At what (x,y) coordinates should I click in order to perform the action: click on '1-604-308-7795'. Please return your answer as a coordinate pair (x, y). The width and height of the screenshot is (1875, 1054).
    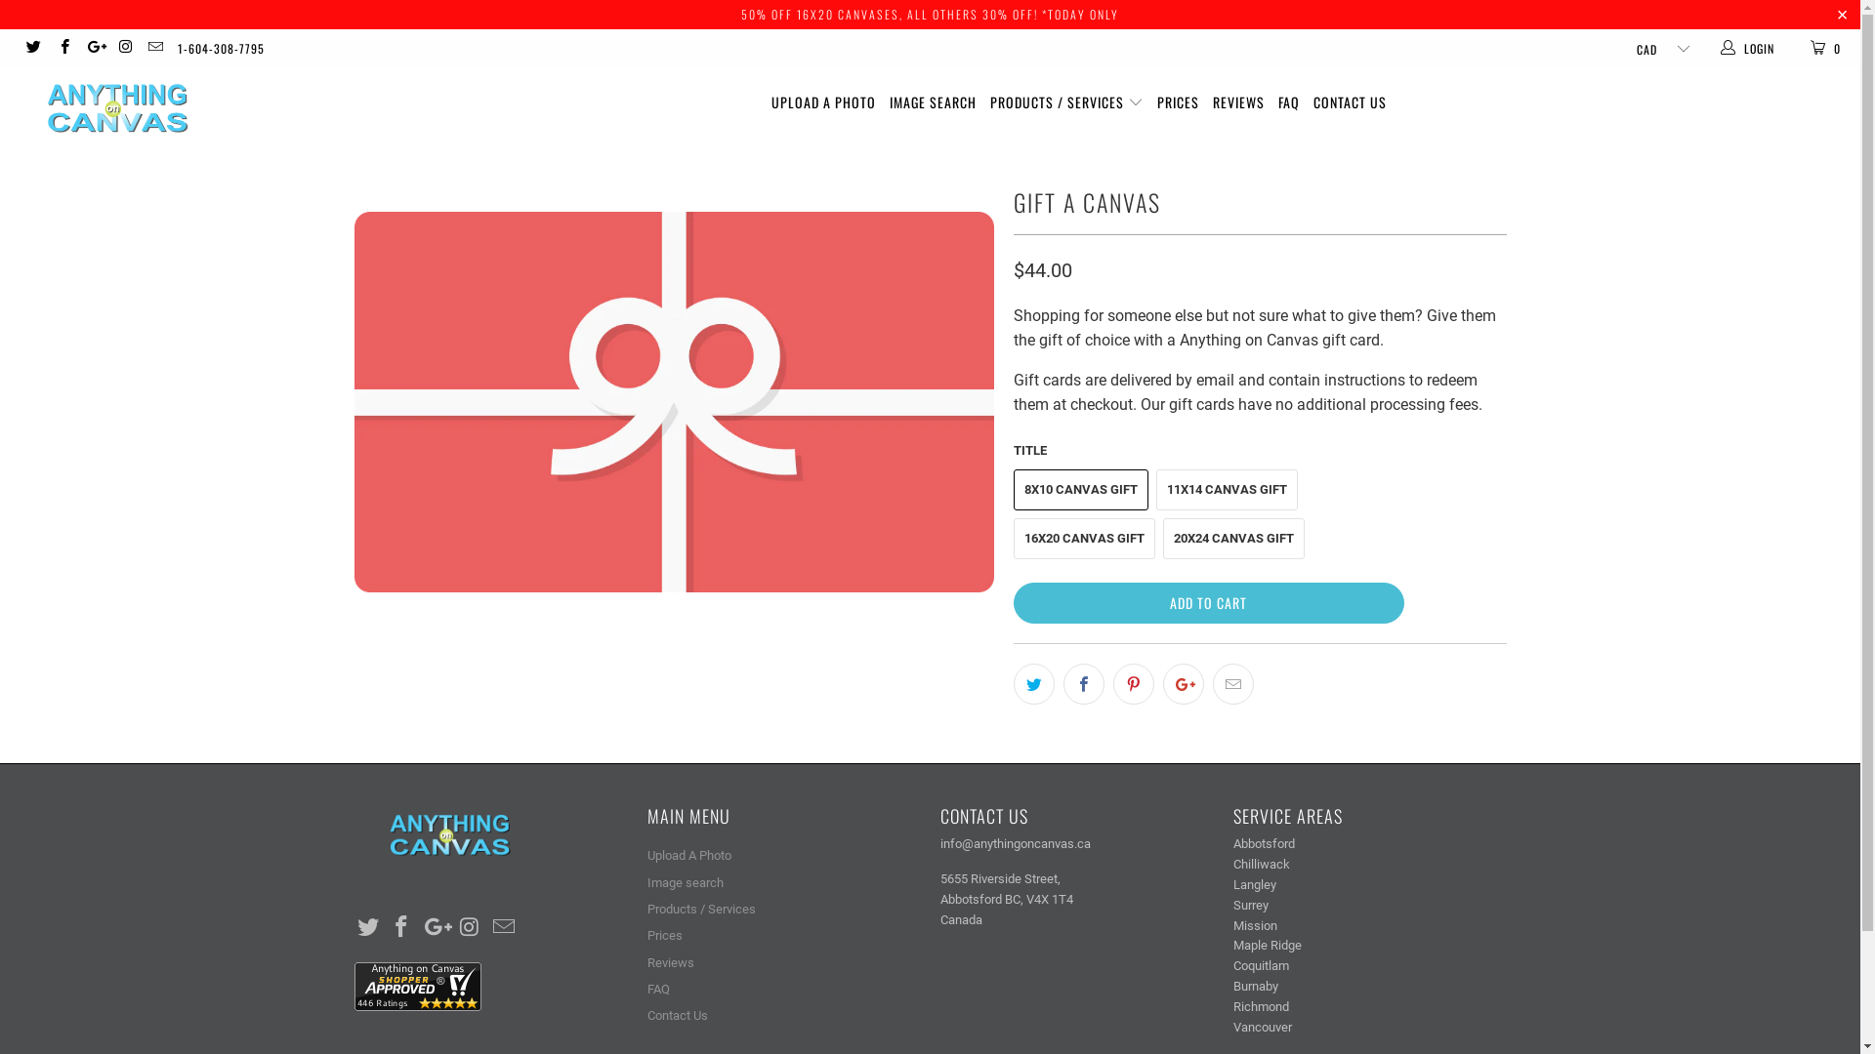
    Looking at the image, I should click on (221, 48).